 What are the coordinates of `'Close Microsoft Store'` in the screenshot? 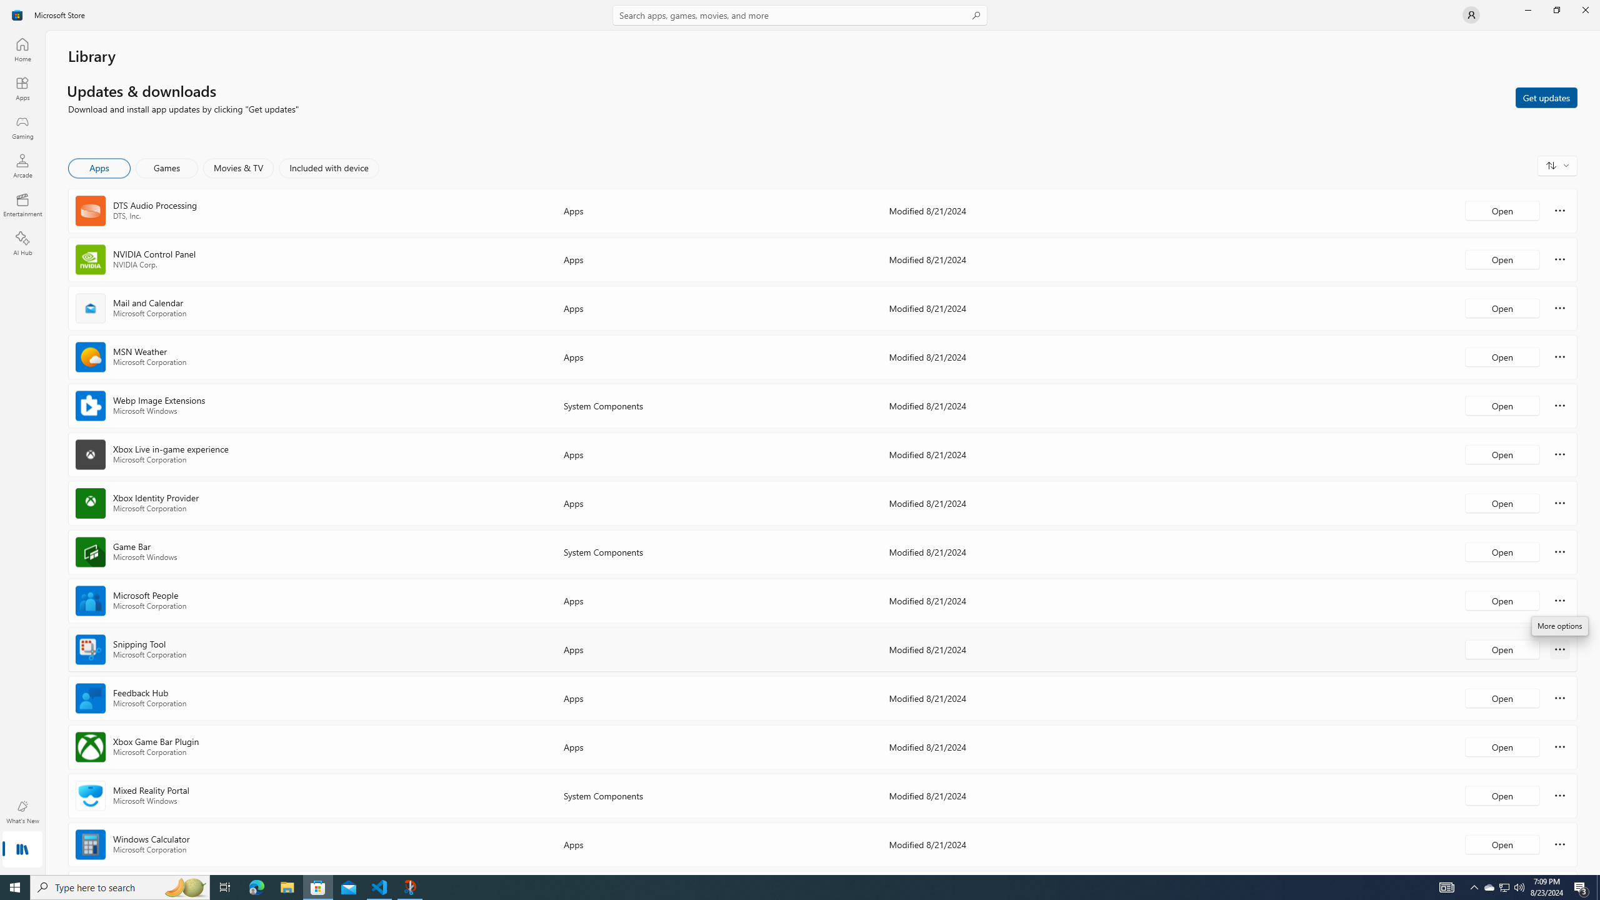 It's located at (1584, 9).